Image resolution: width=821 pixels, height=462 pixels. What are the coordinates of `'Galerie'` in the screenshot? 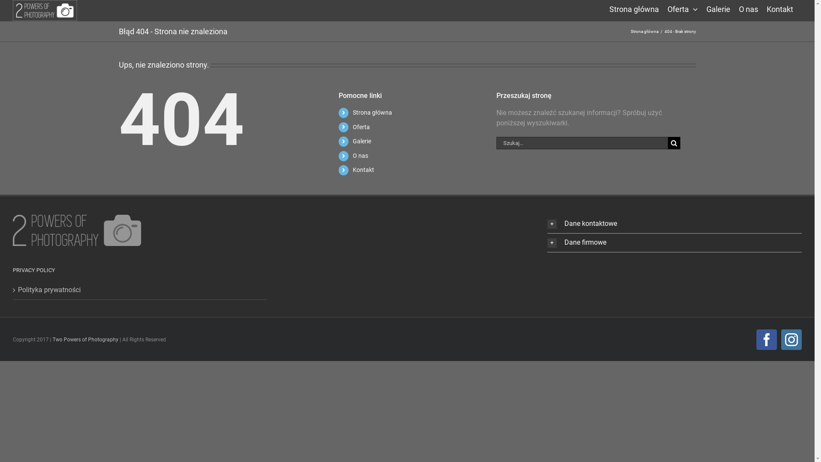 It's located at (718, 8).